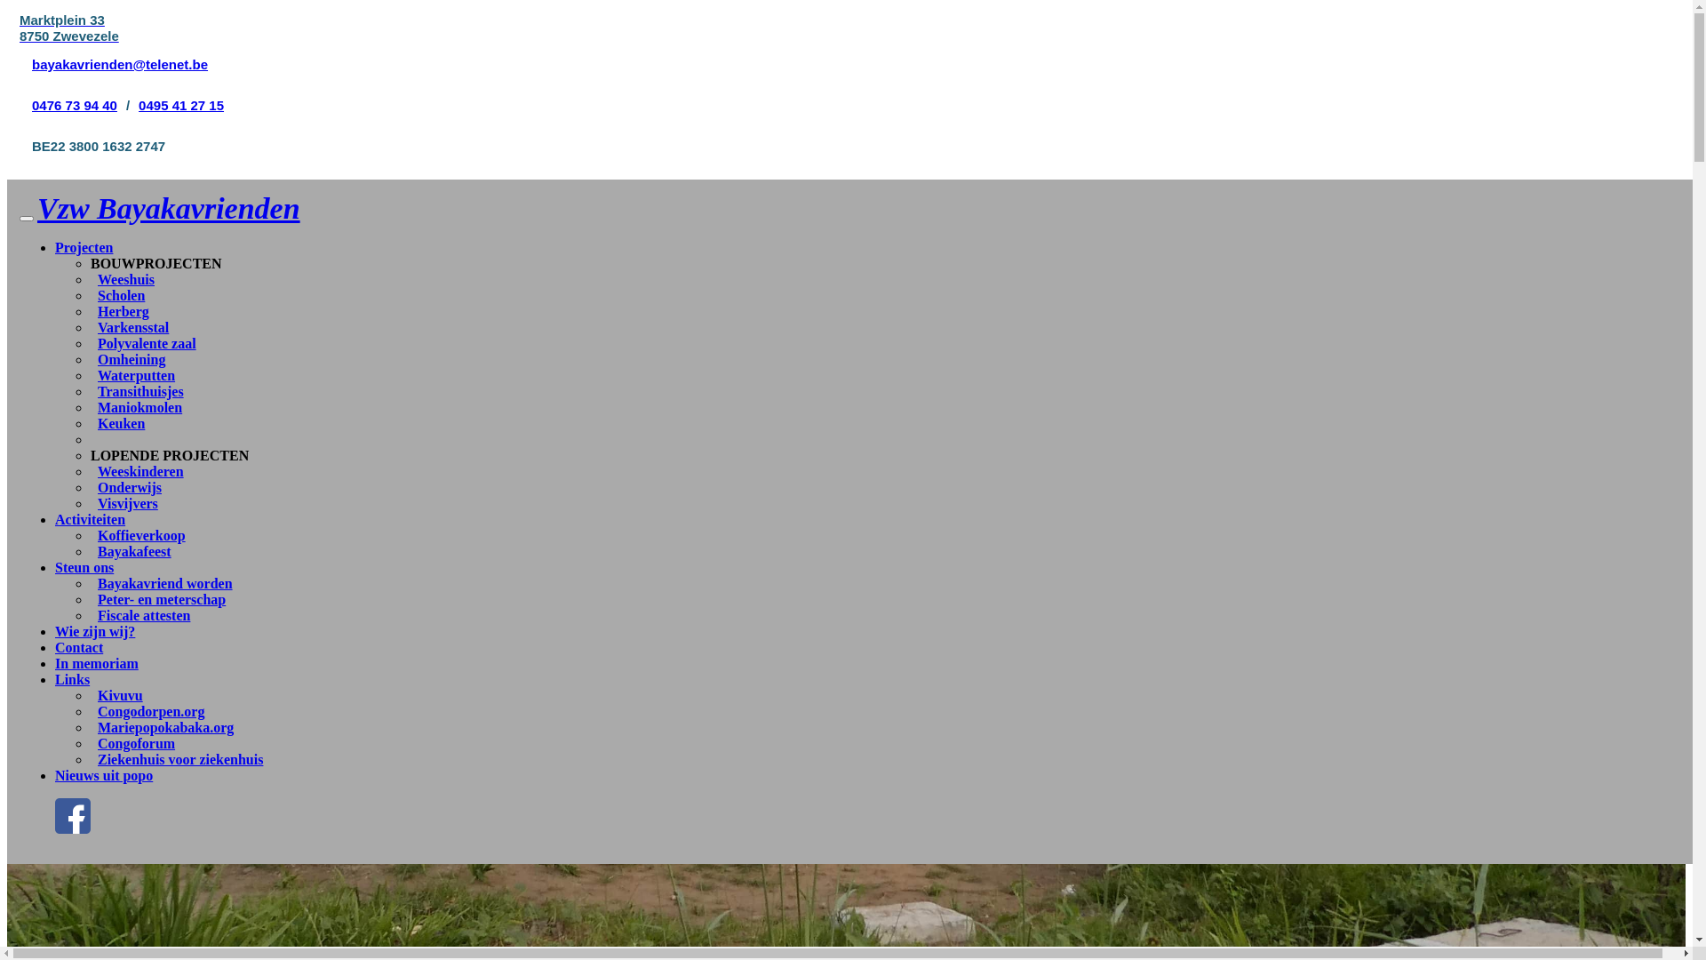 The width and height of the screenshot is (1706, 960). Describe the element at coordinates (128, 327) in the screenshot. I see `'Varkensstal'` at that location.